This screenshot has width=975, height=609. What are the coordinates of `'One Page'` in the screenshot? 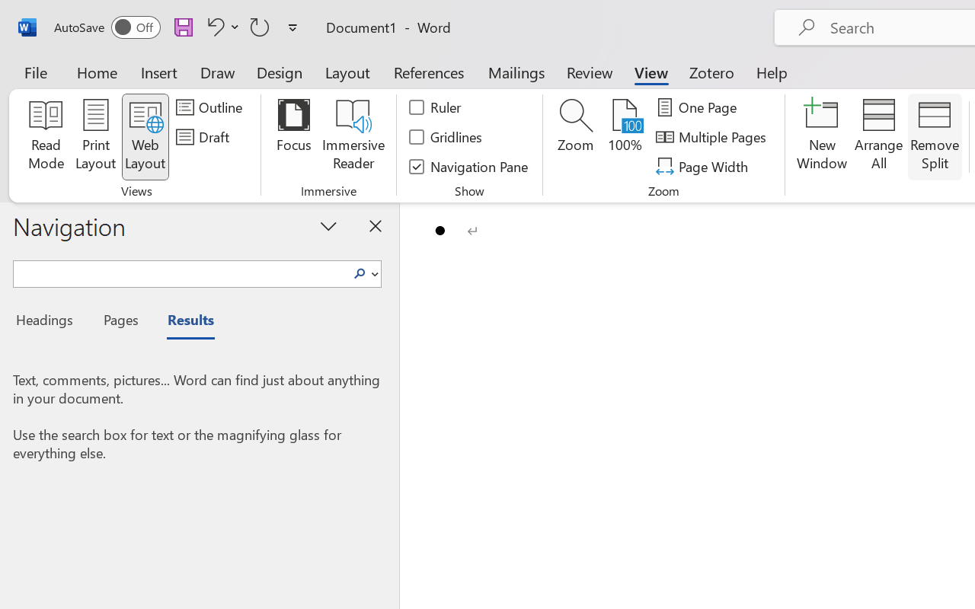 It's located at (698, 107).